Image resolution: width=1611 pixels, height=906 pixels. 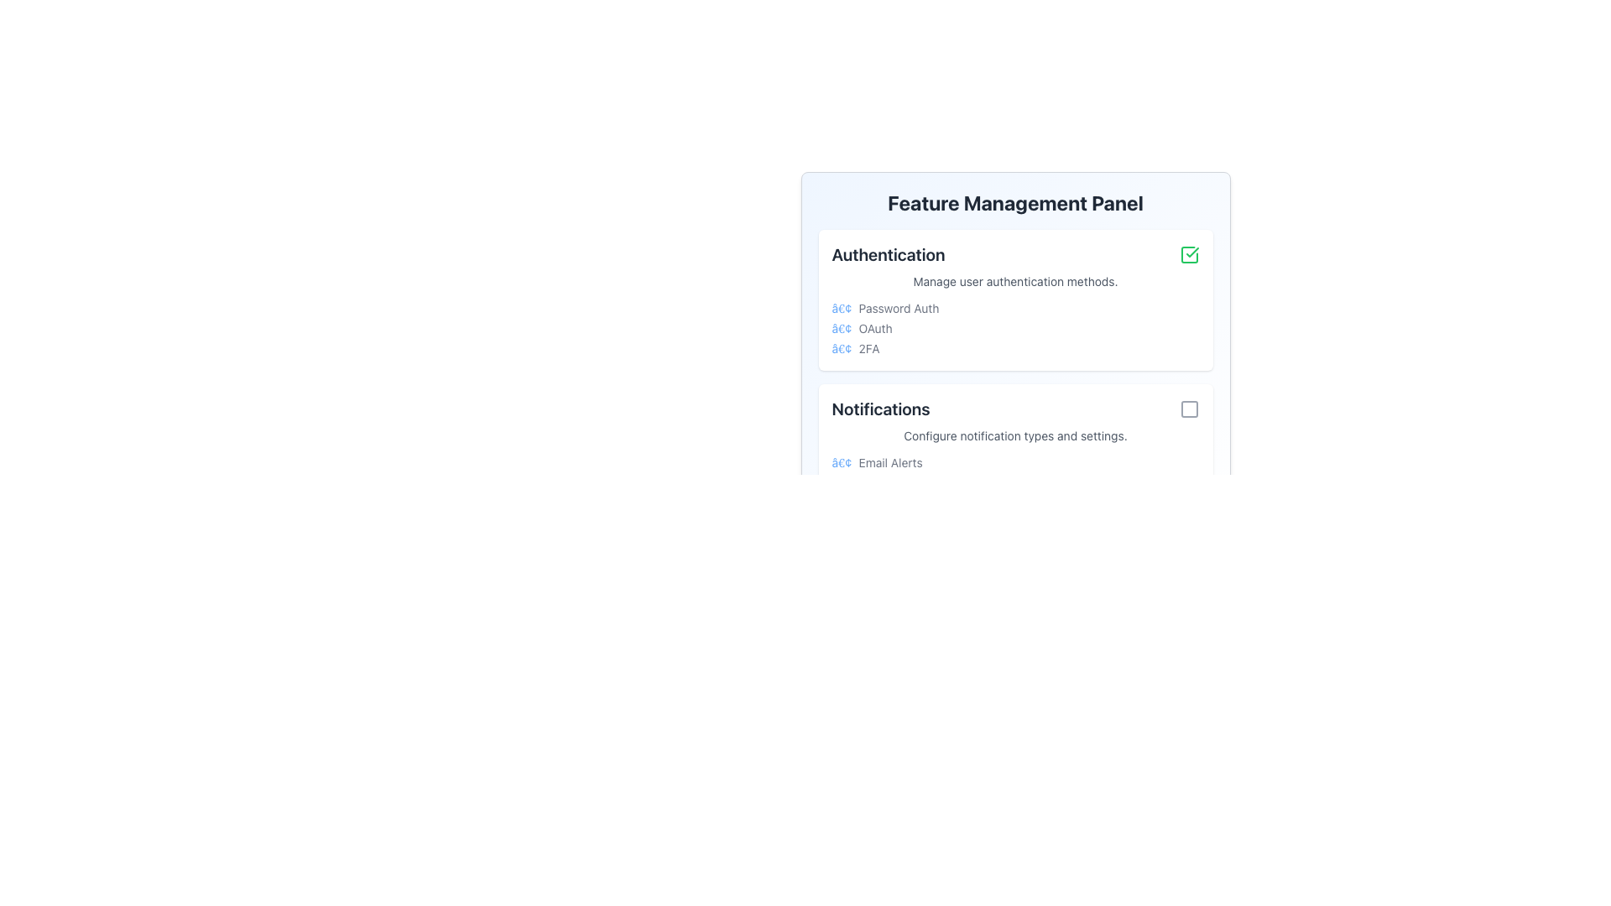 I want to click on the Informational Text that provides clarification about the 'Authentication' section, located directly below the section heading, so click(x=1014, y=280).